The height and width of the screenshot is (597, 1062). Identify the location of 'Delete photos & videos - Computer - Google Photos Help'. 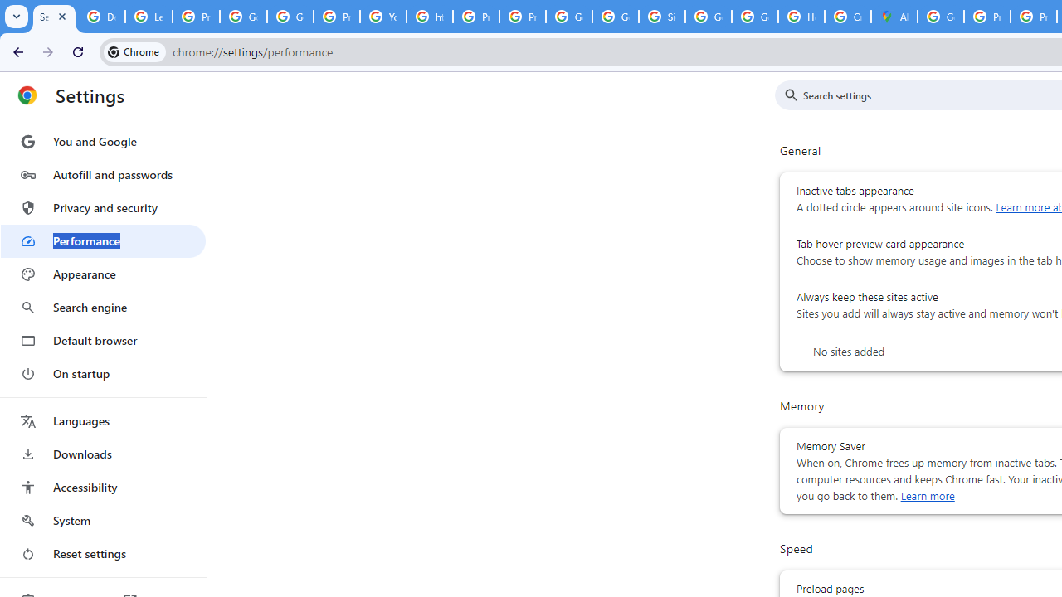
(100, 17).